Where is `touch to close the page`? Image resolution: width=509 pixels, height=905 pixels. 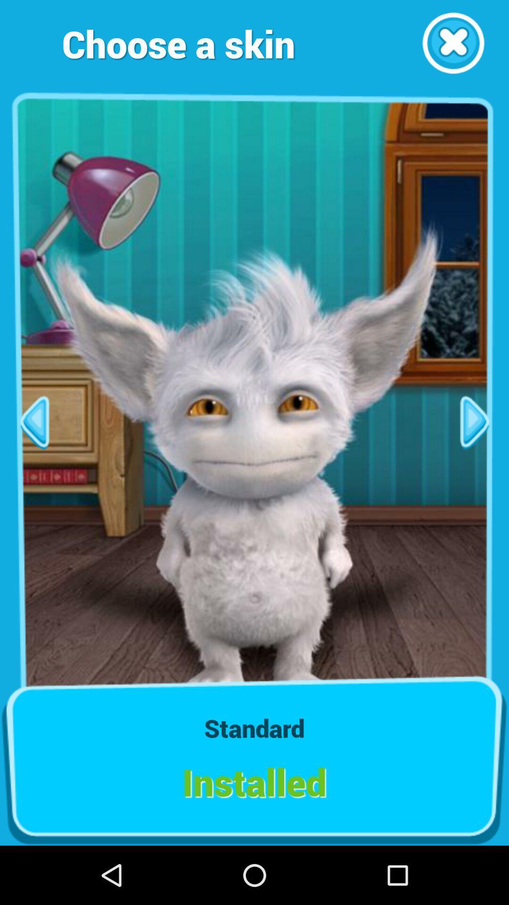 touch to close the page is located at coordinates (452, 42).